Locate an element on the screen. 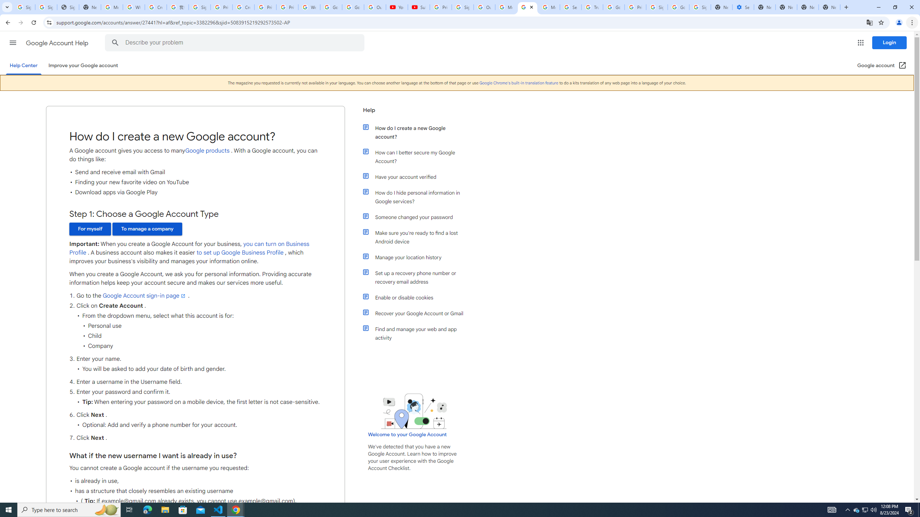  'Reload' is located at coordinates (33, 22).